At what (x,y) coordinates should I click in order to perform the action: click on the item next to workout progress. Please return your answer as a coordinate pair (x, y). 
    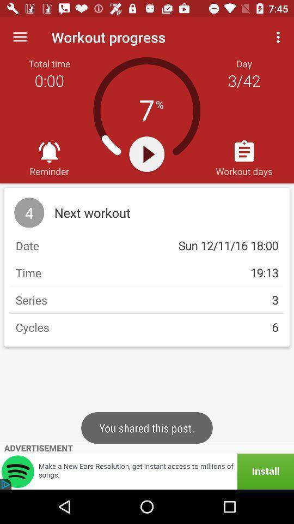
    Looking at the image, I should click on (20, 37).